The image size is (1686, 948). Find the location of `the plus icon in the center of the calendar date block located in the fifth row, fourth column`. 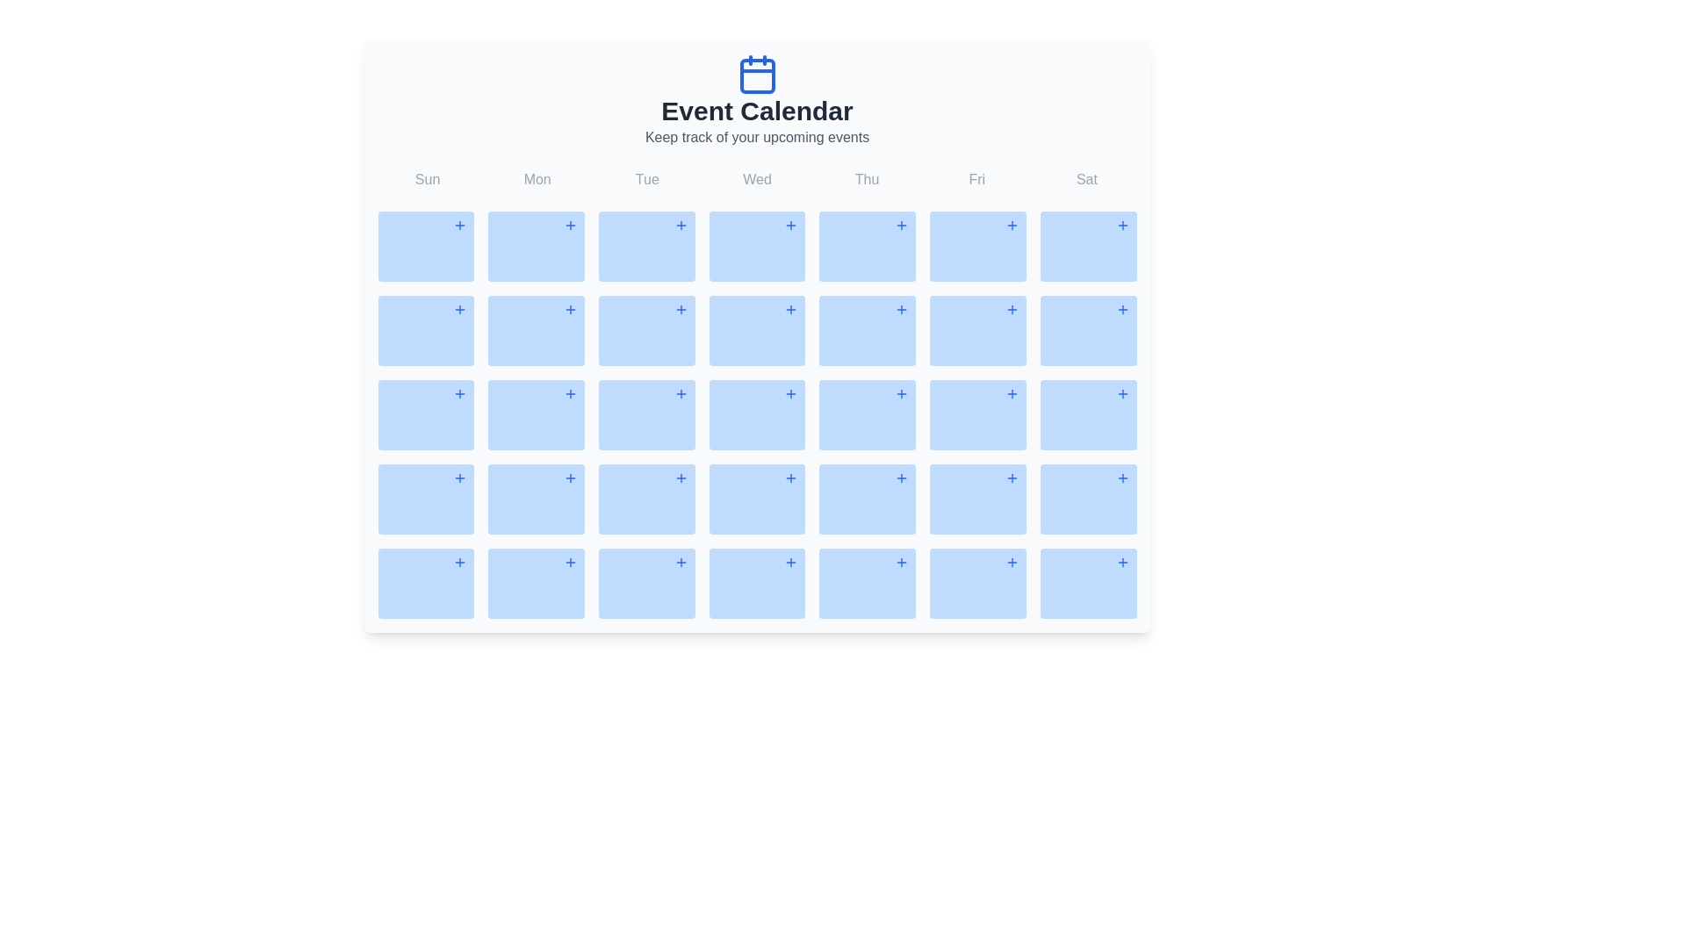

the plus icon in the center of the calendar date block located in the fifth row, fourth column is located at coordinates (902, 478).